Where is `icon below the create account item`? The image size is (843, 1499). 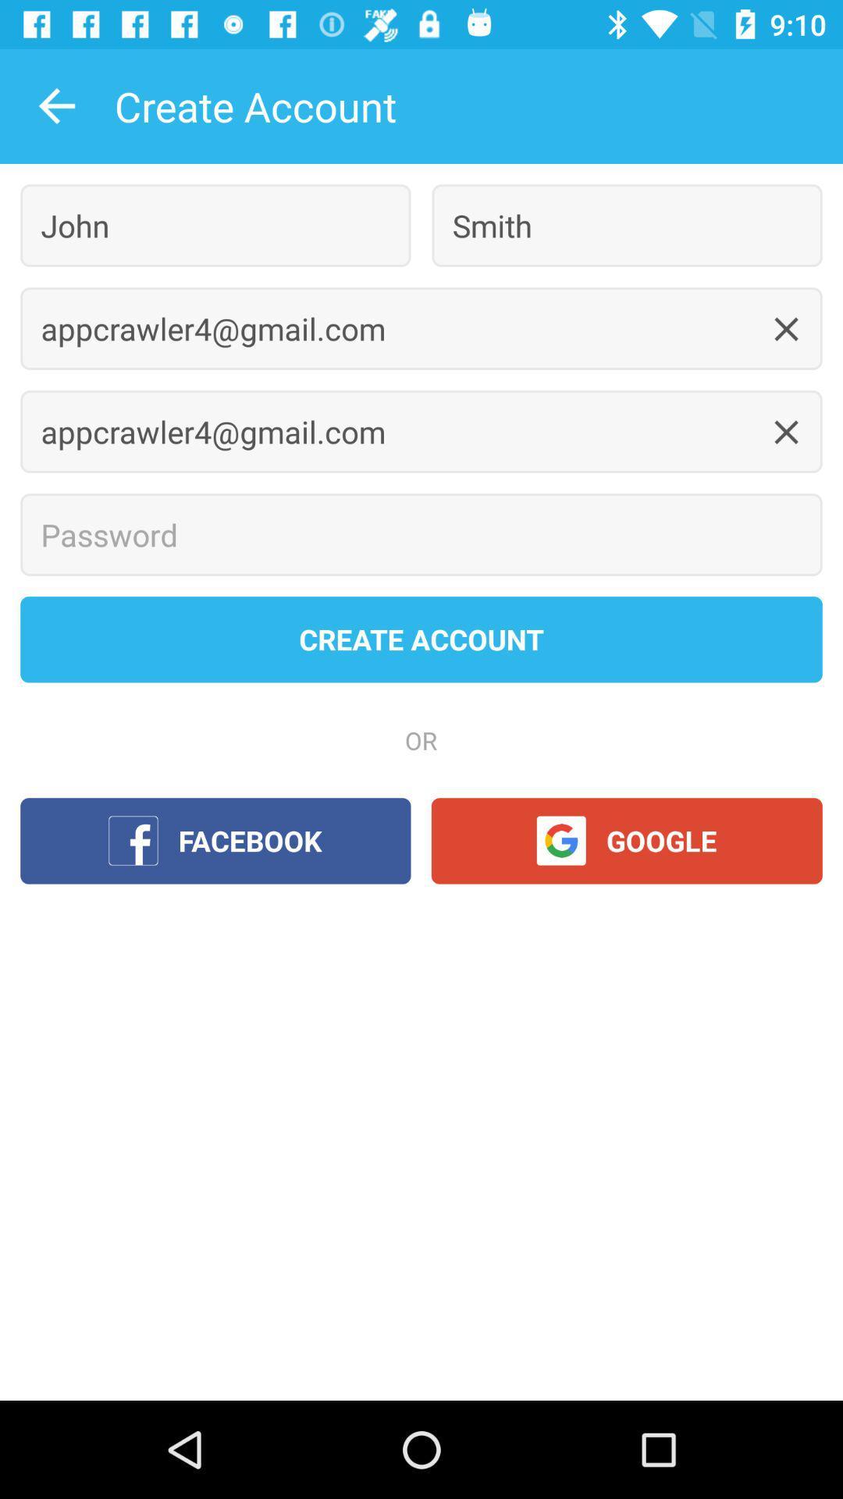
icon below the create account item is located at coordinates (215, 225).